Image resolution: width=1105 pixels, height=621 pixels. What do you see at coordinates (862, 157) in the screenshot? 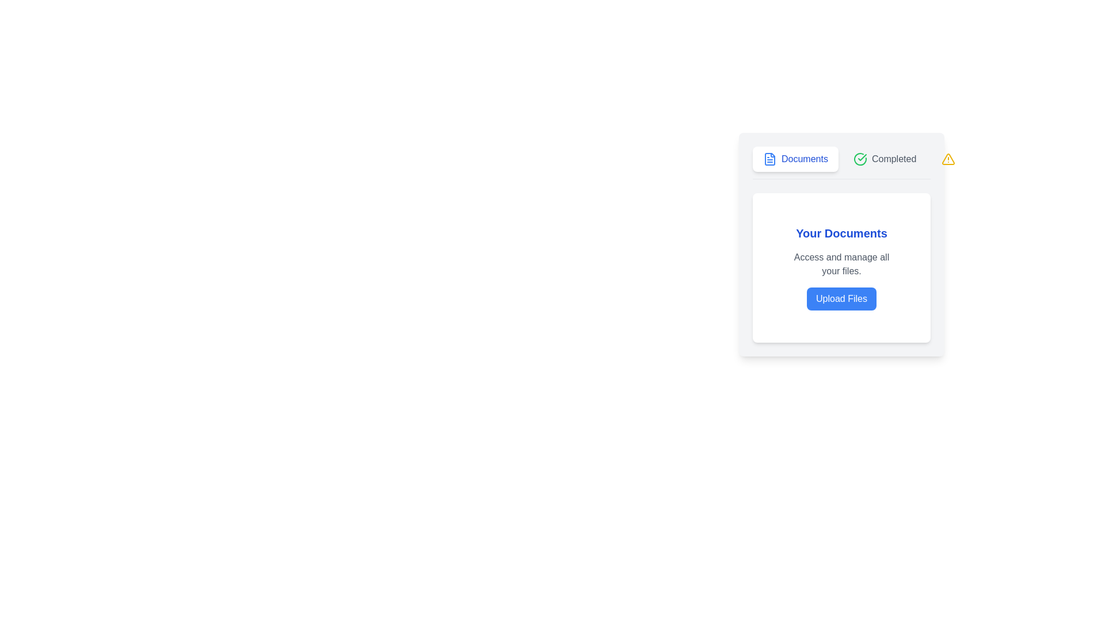
I see `the status represented by the checkmark icon located in the 'Completed' tab, positioned to the right of the 'Documents' tab within the card-like UI component` at bounding box center [862, 157].